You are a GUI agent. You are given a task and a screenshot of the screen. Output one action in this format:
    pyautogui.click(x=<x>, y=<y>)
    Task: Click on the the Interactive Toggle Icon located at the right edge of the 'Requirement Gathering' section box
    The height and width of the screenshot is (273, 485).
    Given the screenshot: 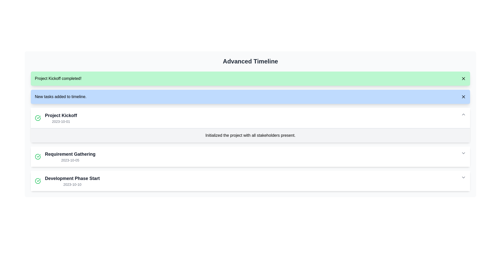 What is the action you would take?
    pyautogui.click(x=463, y=153)
    